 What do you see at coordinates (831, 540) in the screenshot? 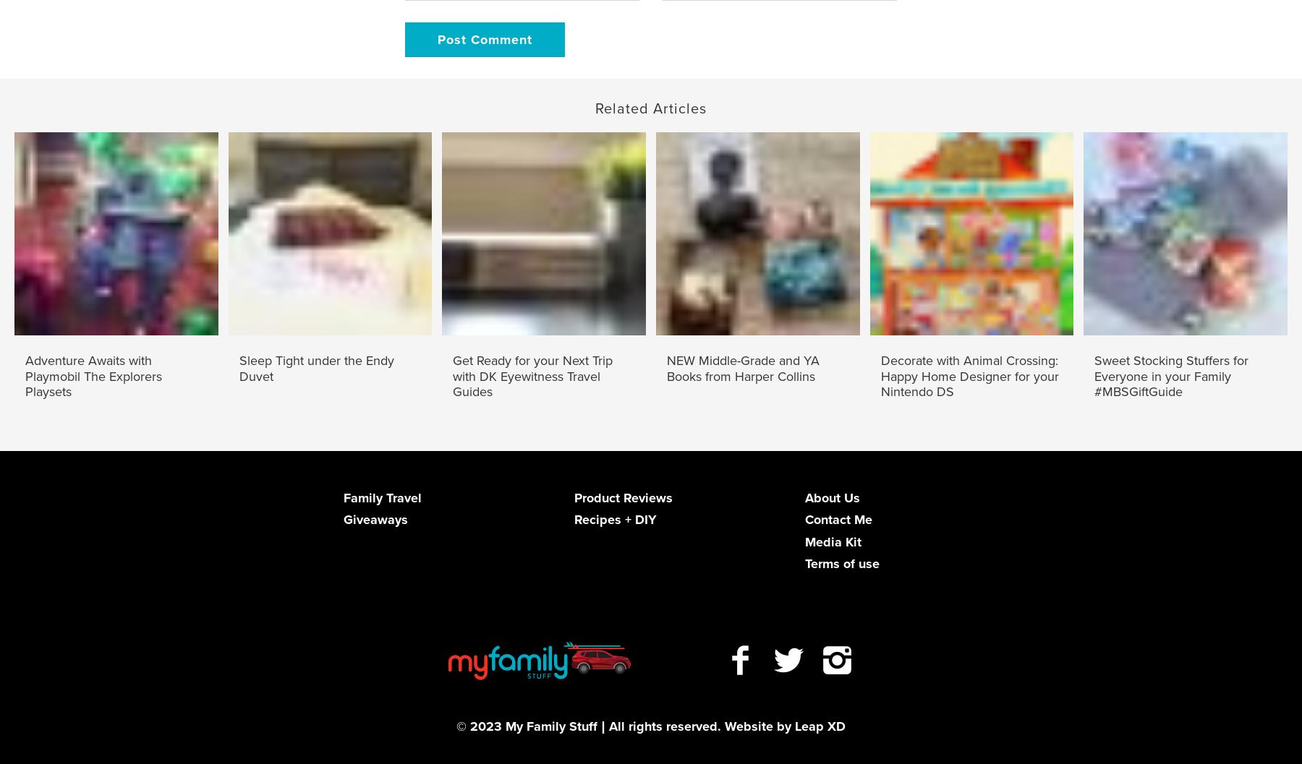
I see `'Media Kit'` at bounding box center [831, 540].